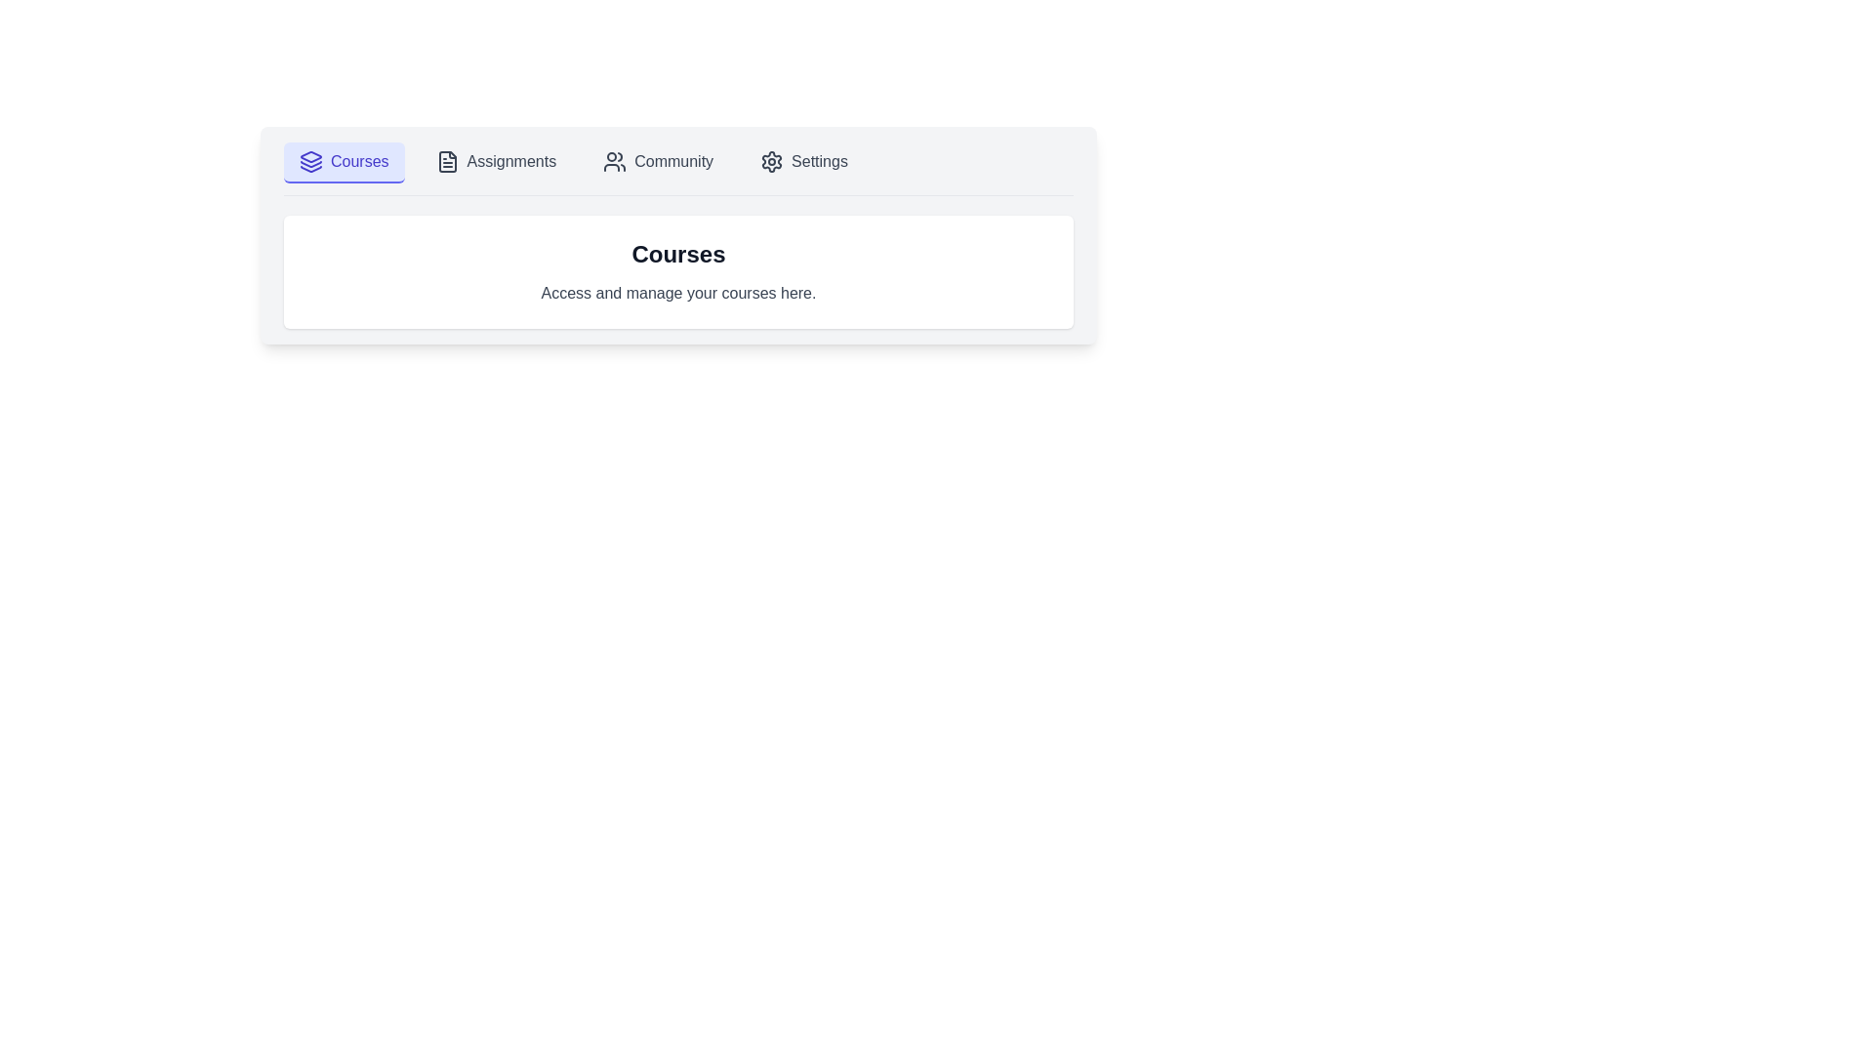 The height and width of the screenshot is (1054, 1874). Describe the element at coordinates (820, 160) in the screenshot. I see `the 'Settings' text label in the top-right portion of the horizontal navigation menu` at that location.